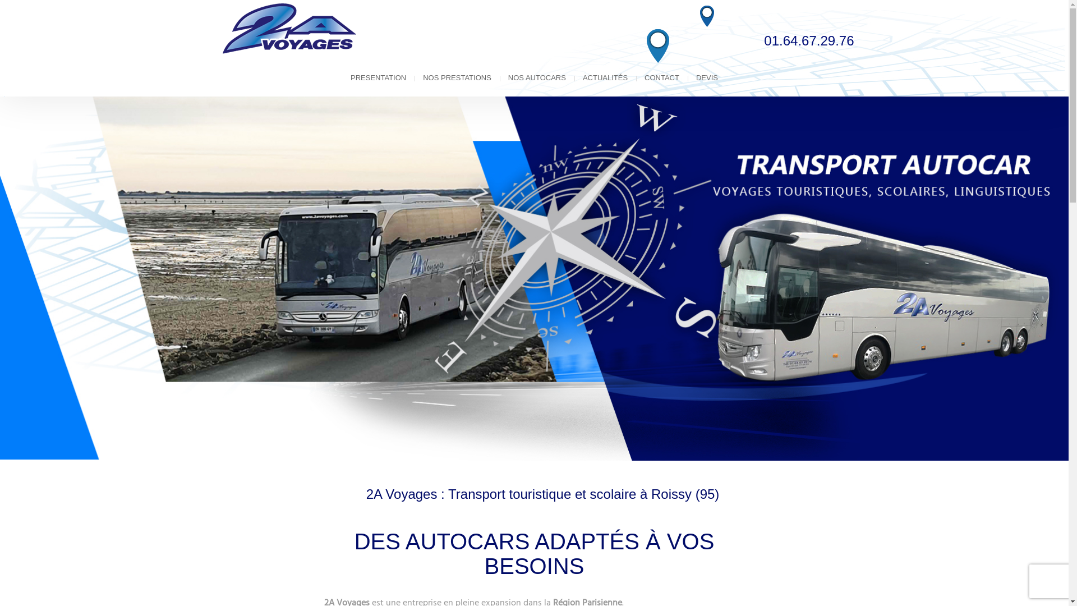 The image size is (1077, 606). Describe the element at coordinates (662, 77) in the screenshot. I see `'CONTACT'` at that location.